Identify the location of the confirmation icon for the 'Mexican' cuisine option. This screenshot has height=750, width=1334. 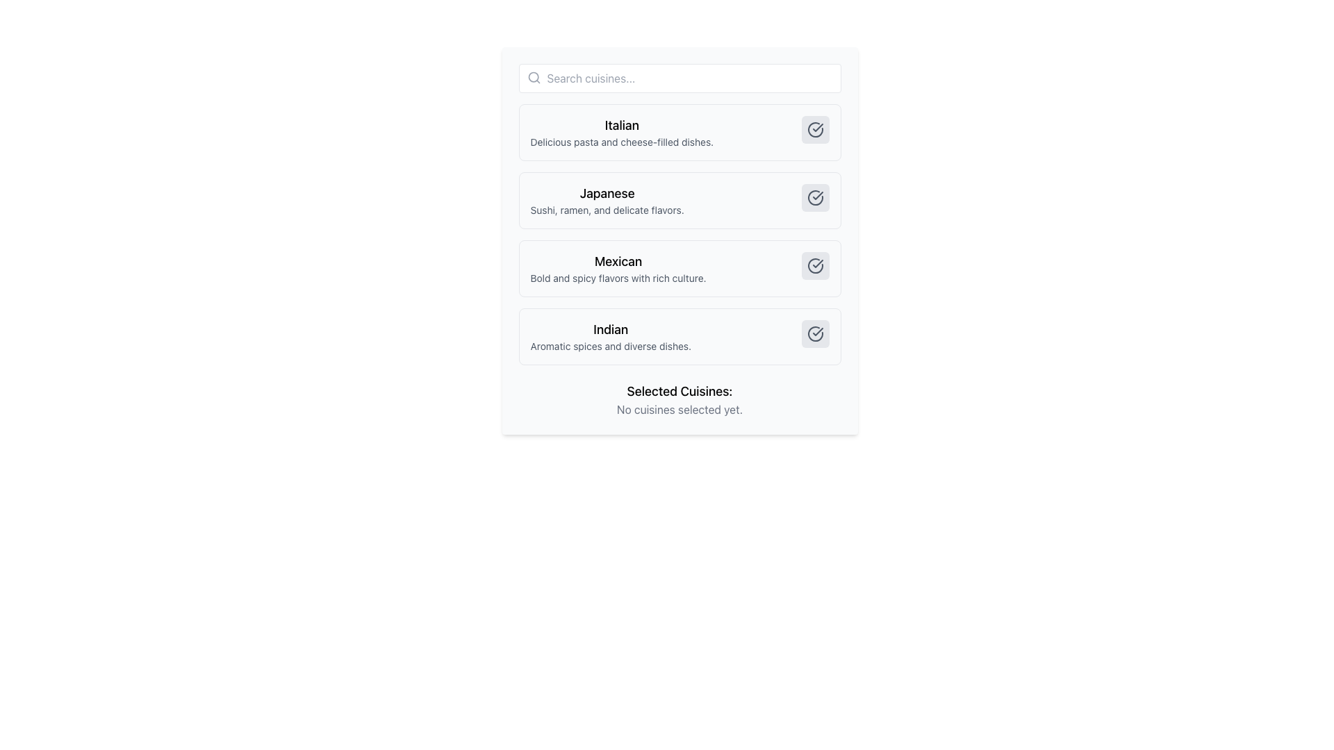
(817, 264).